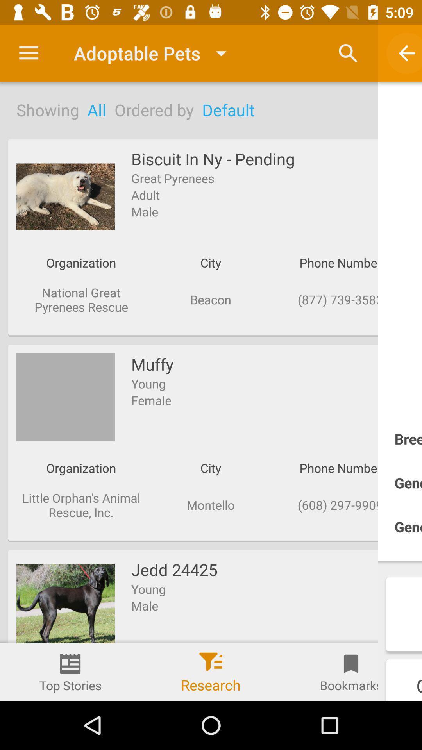 The height and width of the screenshot is (750, 422). What do you see at coordinates (28, 53) in the screenshot?
I see `open menu` at bounding box center [28, 53].